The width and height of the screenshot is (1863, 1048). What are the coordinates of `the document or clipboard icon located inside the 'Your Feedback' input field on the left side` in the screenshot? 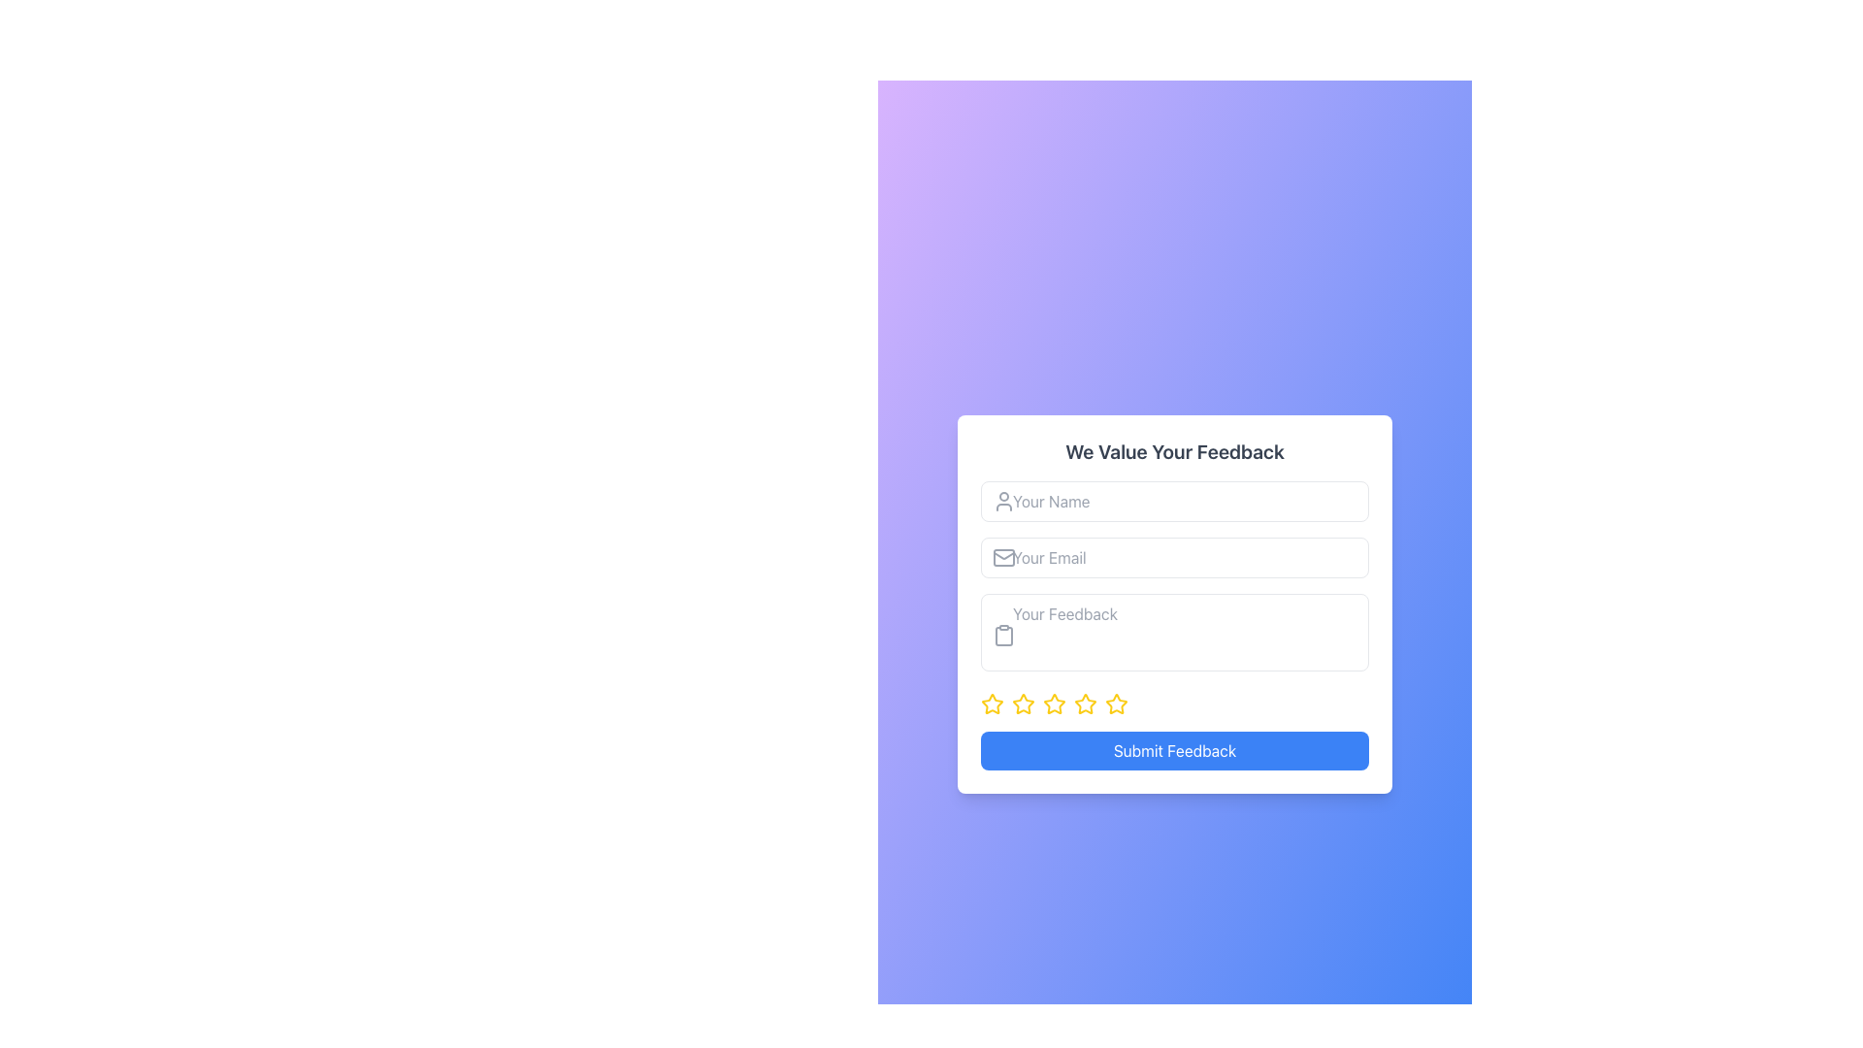 It's located at (1004, 636).